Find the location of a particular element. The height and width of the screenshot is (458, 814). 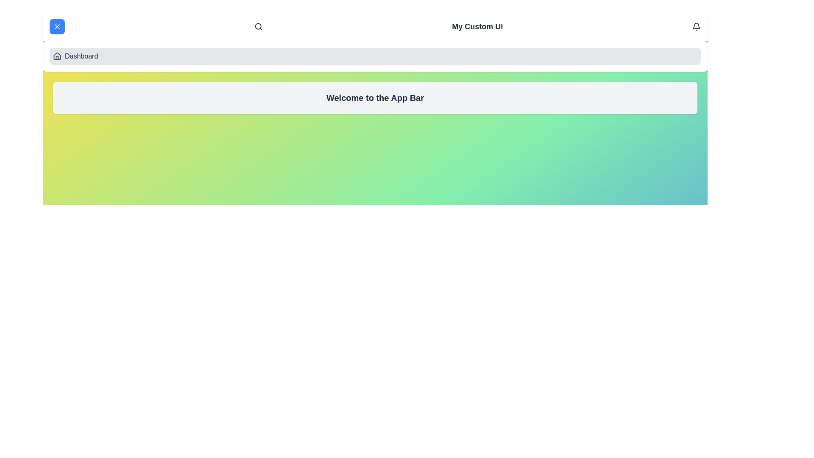

the 'Dashboard' navigation item is located at coordinates (374, 56).